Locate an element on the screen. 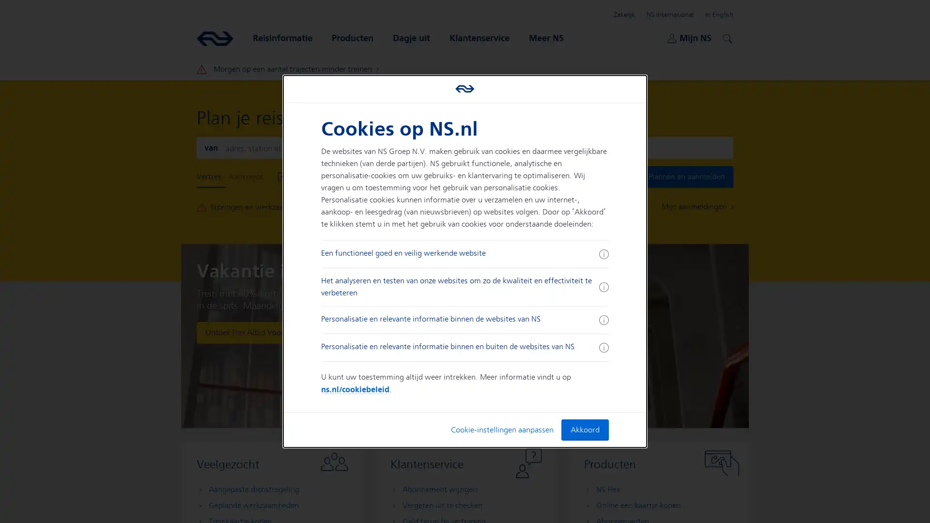 The height and width of the screenshot is (523, 930). Mijn NS Open submenu is located at coordinates (689, 37).